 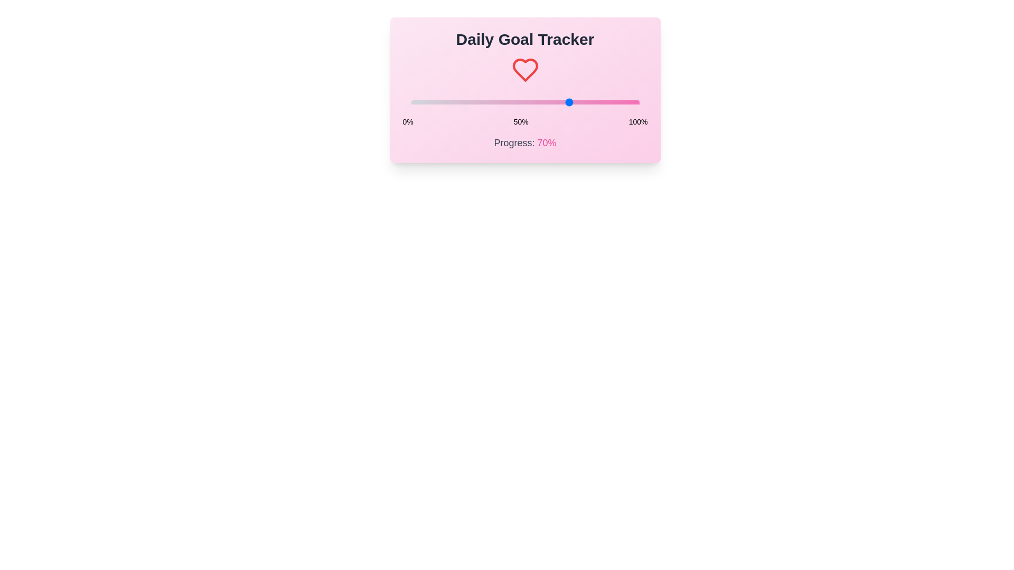 What do you see at coordinates (605, 102) in the screenshot?
I see `the slider to set the progress to 85%` at bounding box center [605, 102].